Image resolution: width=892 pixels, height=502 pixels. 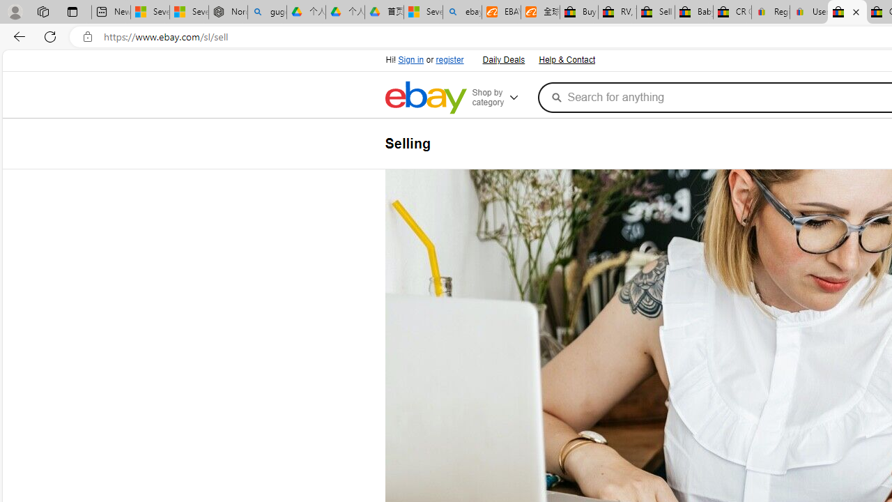 I want to click on 'eBay Home', so click(x=424, y=97).